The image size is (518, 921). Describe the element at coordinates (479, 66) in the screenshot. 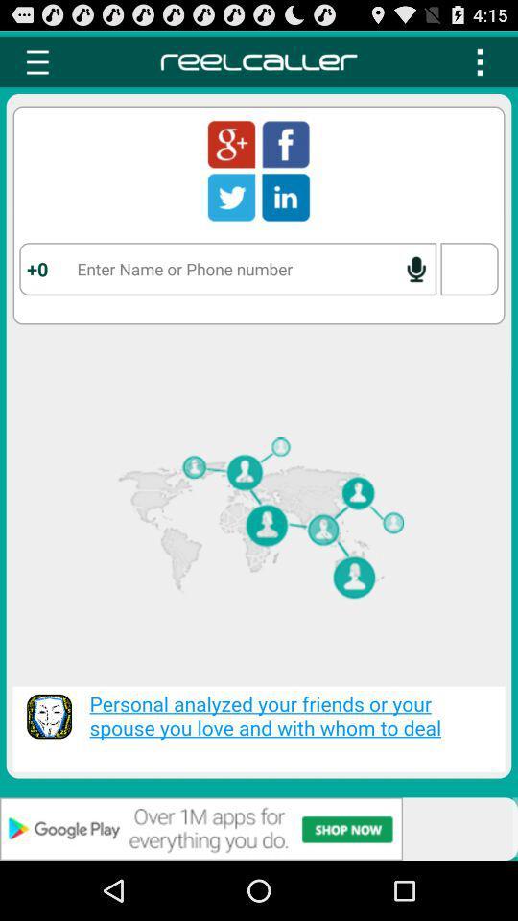

I see `the more icon` at that location.